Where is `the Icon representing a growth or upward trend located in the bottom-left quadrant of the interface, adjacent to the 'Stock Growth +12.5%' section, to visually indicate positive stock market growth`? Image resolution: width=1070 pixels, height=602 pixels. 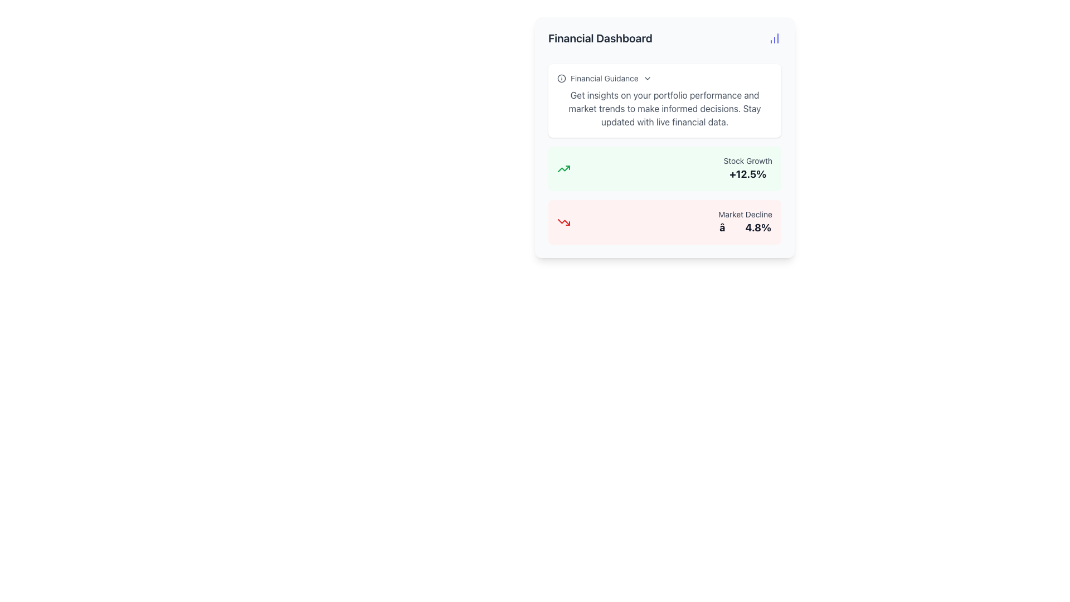 the Icon representing a growth or upward trend located in the bottom-left quadrant of the interface, adjacent to the 'Stock Growth +12.5%' section, to visually indicate positive stock market growth is located at coordinates (564, 169).